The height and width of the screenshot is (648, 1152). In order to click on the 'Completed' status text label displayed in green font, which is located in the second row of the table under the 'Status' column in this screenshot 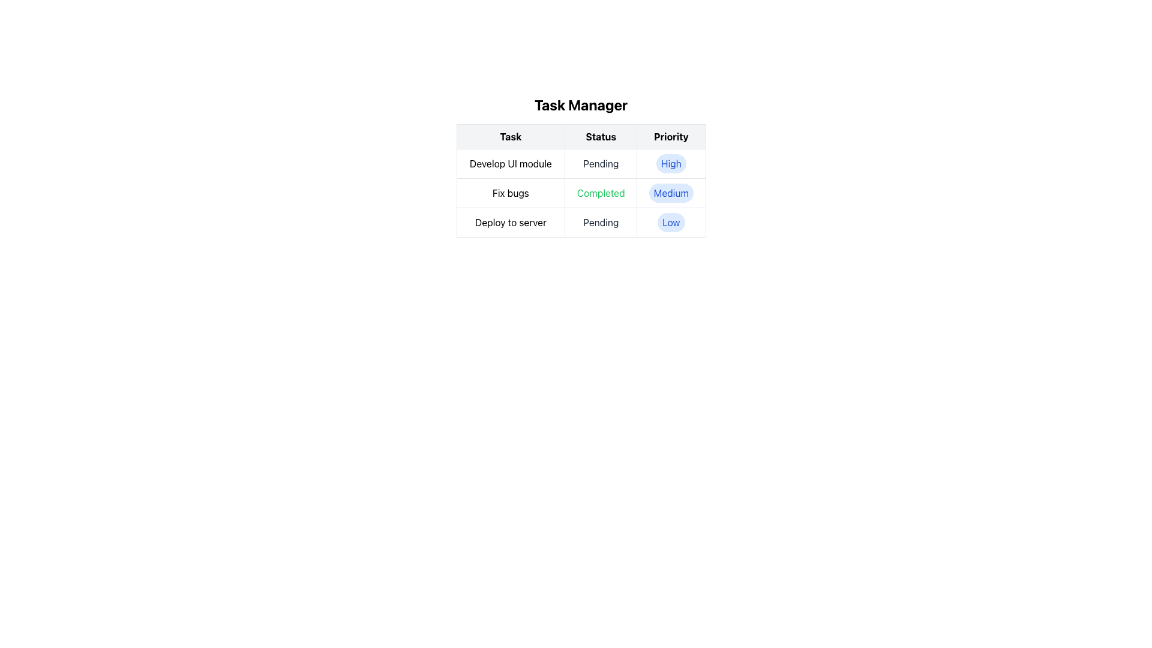, I will do `click(601, 192)`.